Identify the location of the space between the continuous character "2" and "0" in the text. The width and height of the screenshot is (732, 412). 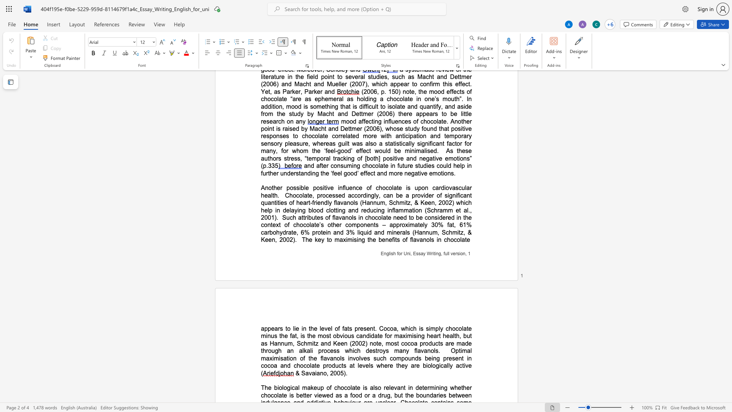
(282, 239).